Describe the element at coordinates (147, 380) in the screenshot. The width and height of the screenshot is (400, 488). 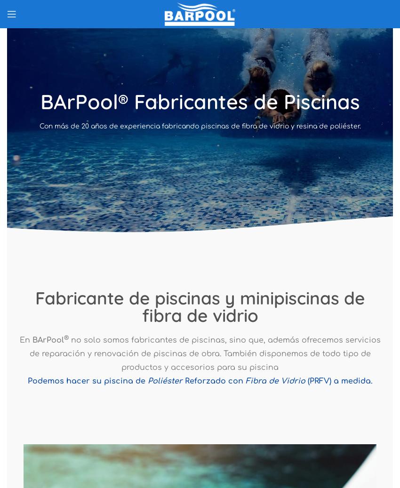
I see `'Poliéster'` at that location.